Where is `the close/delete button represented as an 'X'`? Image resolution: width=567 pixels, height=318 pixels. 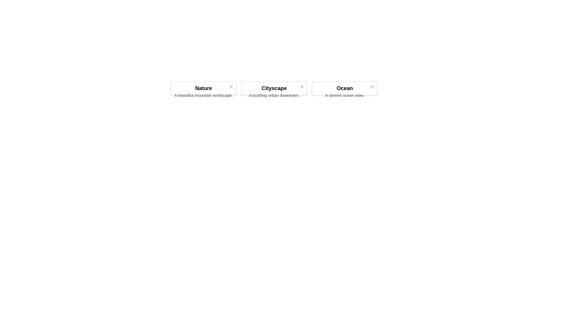
the close/delete button represented as an 'X' is located at coordinates (231, 87).